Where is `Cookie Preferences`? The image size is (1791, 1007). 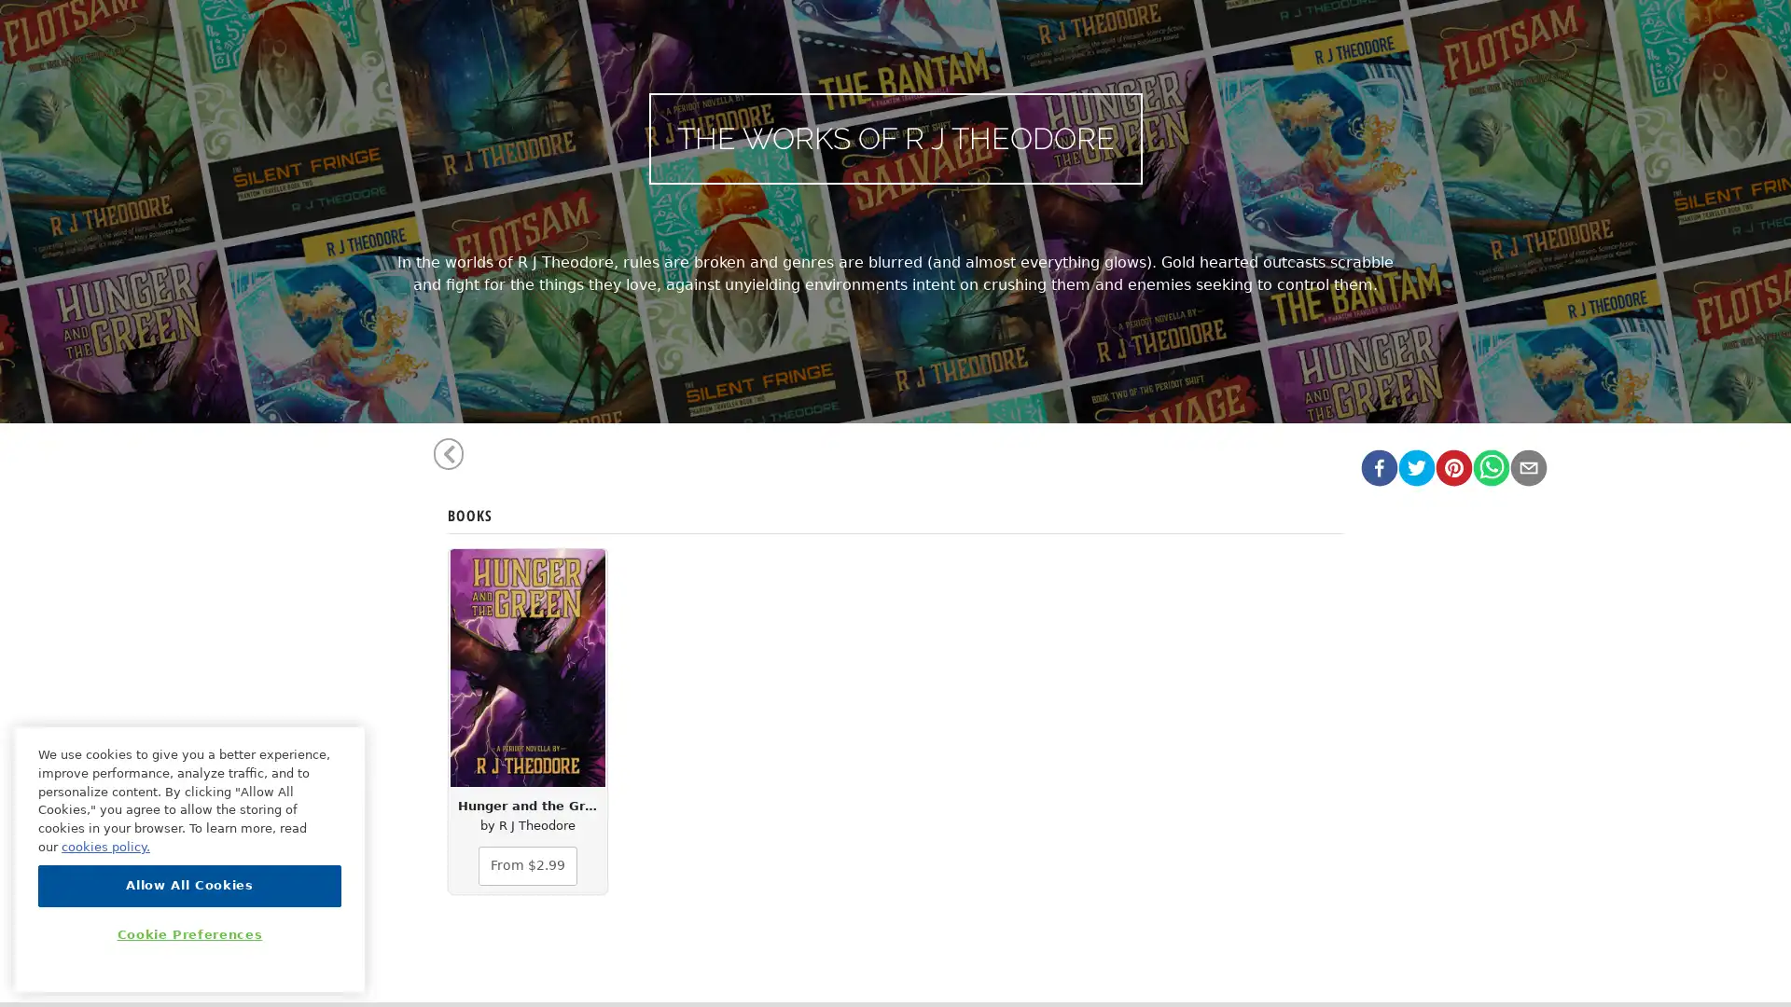 Cookie Preferences is located at coordinates (189, 934).